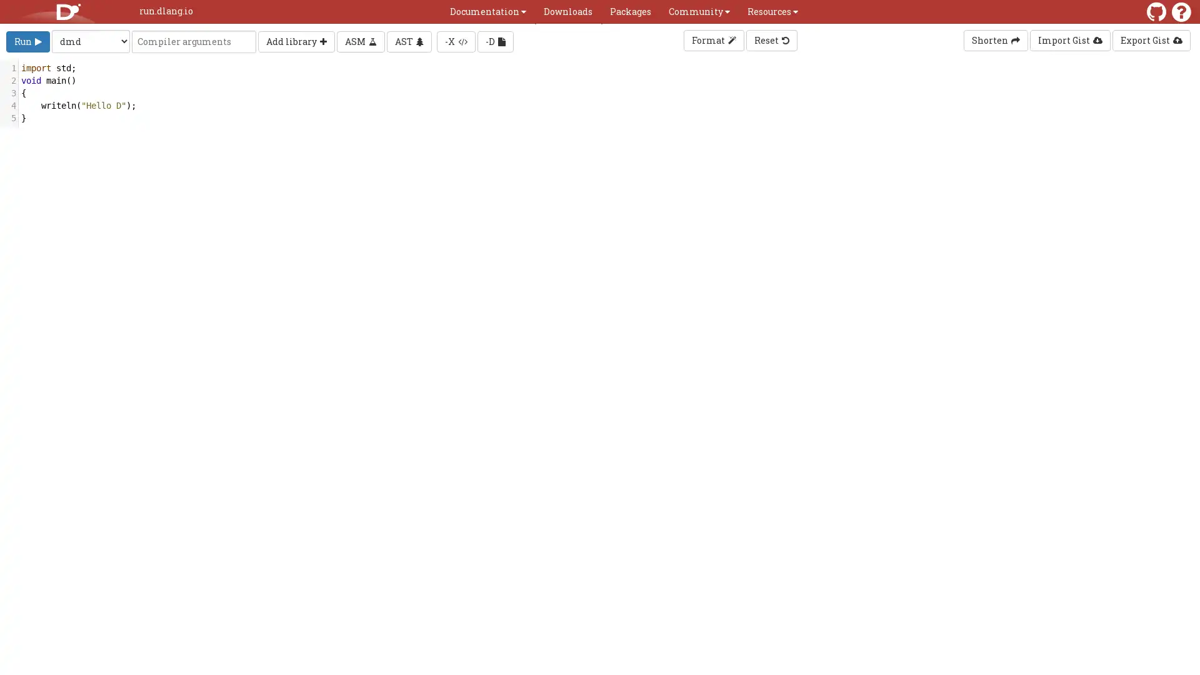 This screenshot has height=675, width=1200. Describe the element at coordinates (494, 40) in the screenshot. I see `-D` at that location.